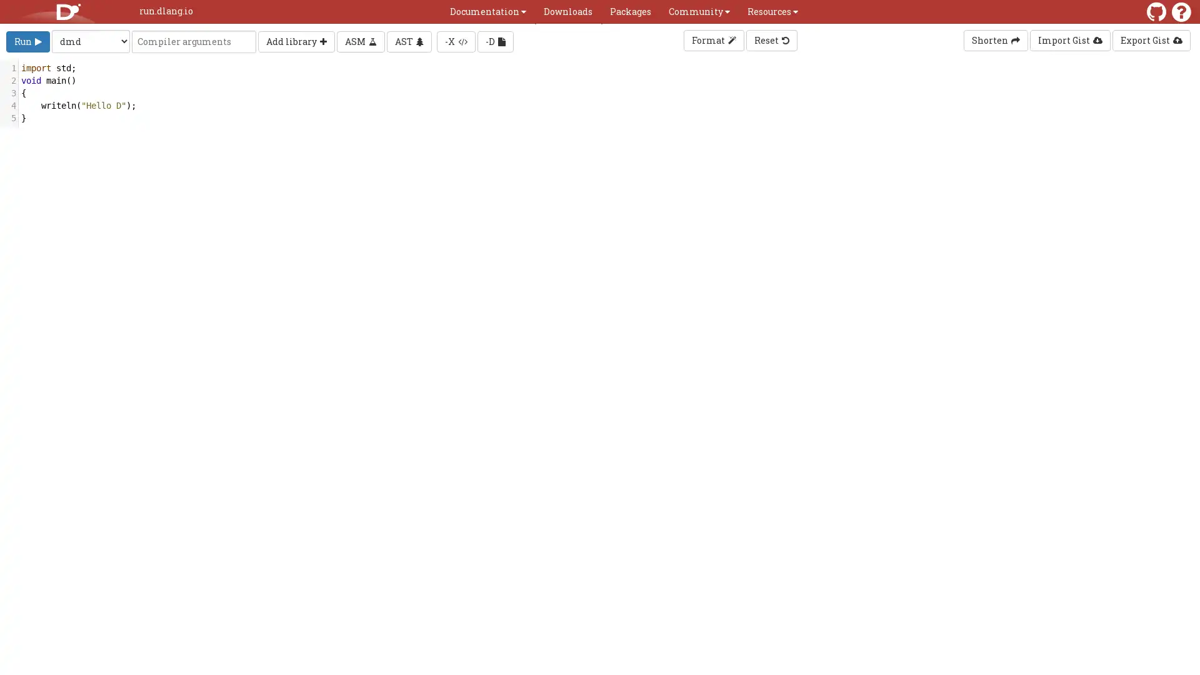 This screenshot has height=675, width=1200. Describe the element at coordinates (494, 40) in the screenshot. I see `-D` at that location.